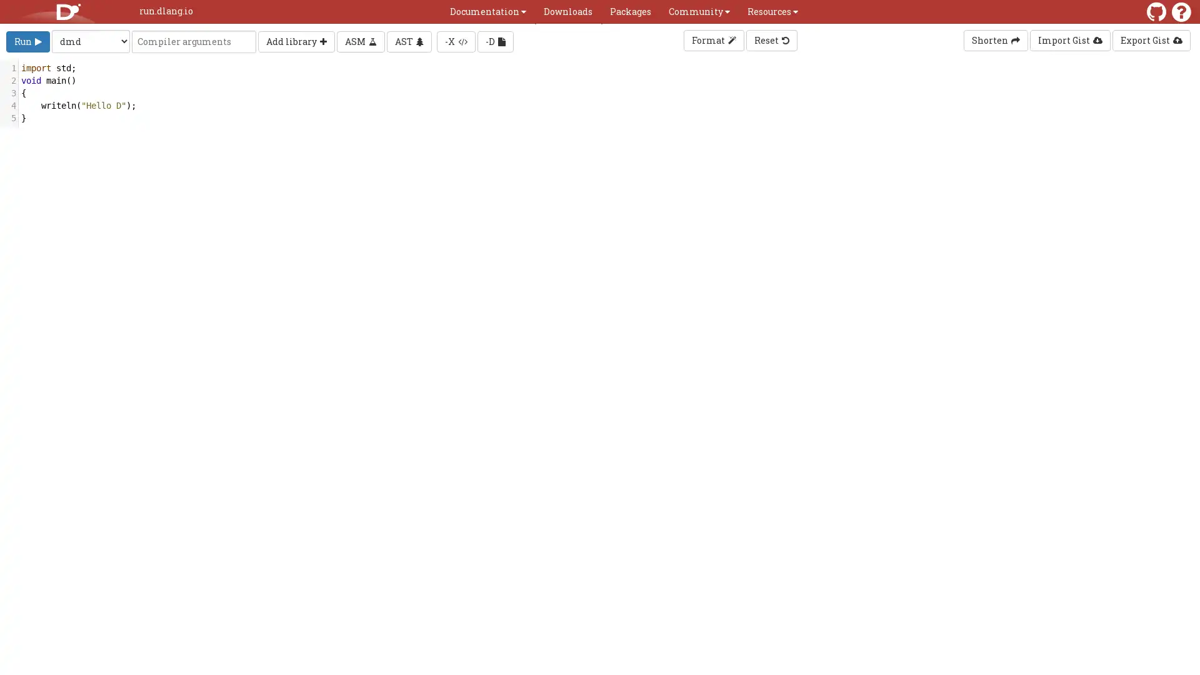 This screenshot has height=675, width=1200. Describe the element at coordinates (494, 40) in the screenshot. I see `-D` at that location.